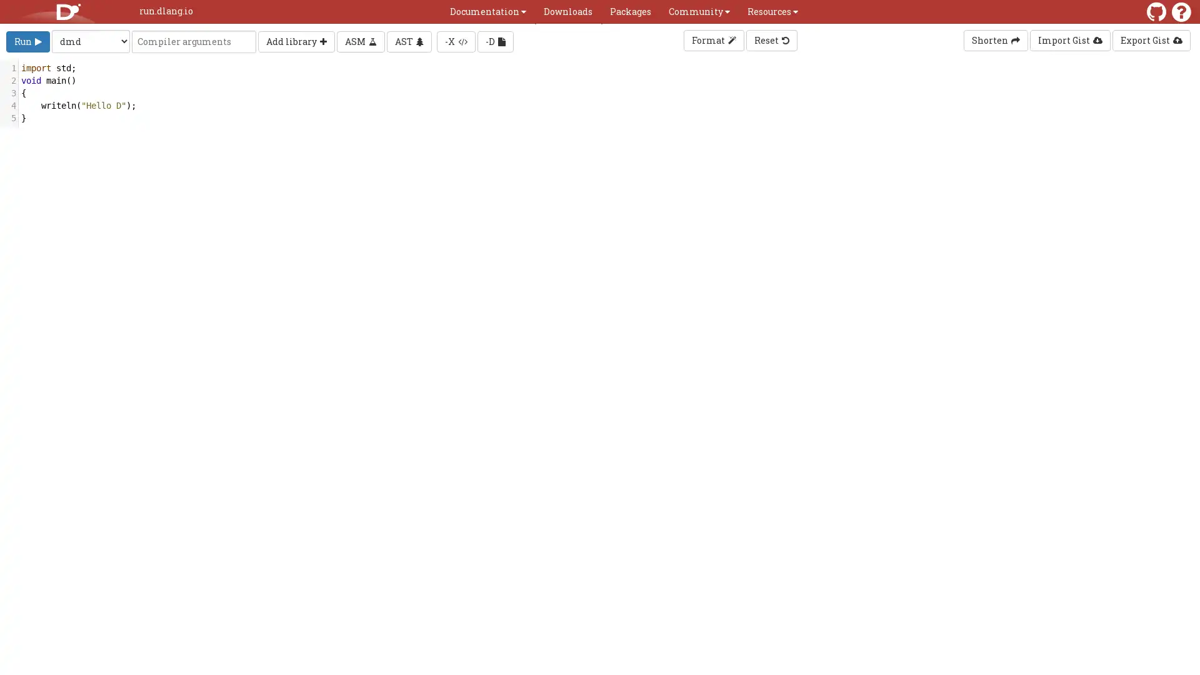 This screenshot has height=675, width=1200. Describe the element at coordinates (494, 40) in the screenshot. I see `-D` at that location.